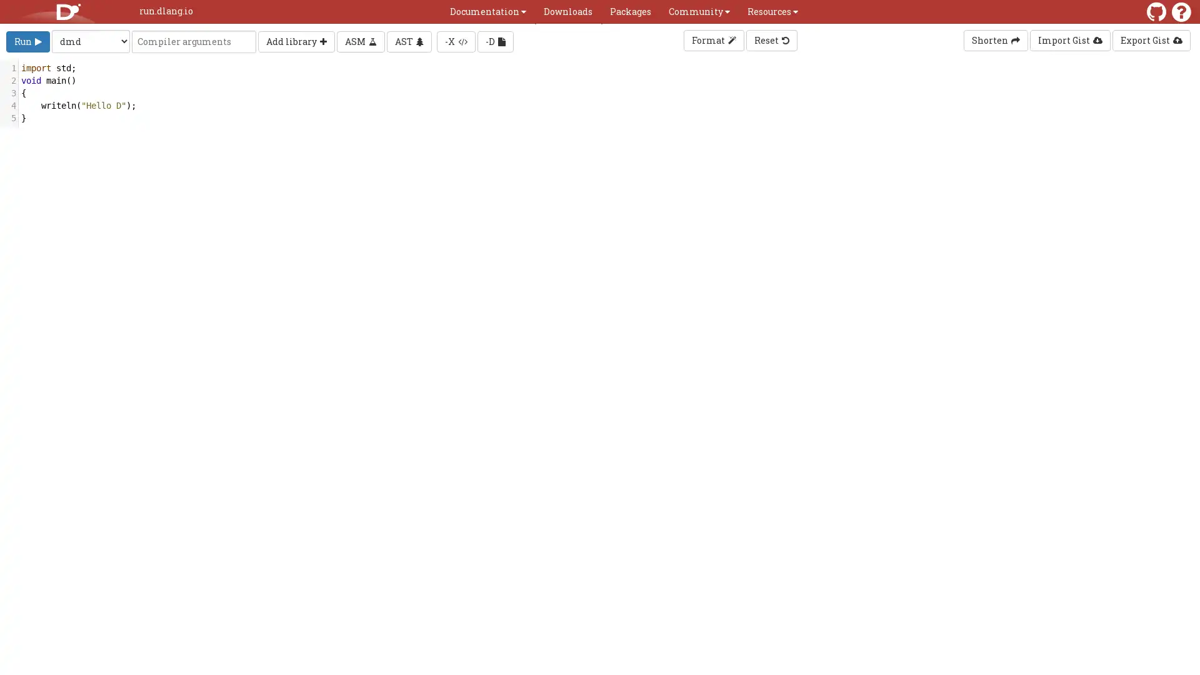 This screenshot has height=675, width=1200. Describe the element at coordinates (494, 40) in the screenshot. I see `-D` at that location.